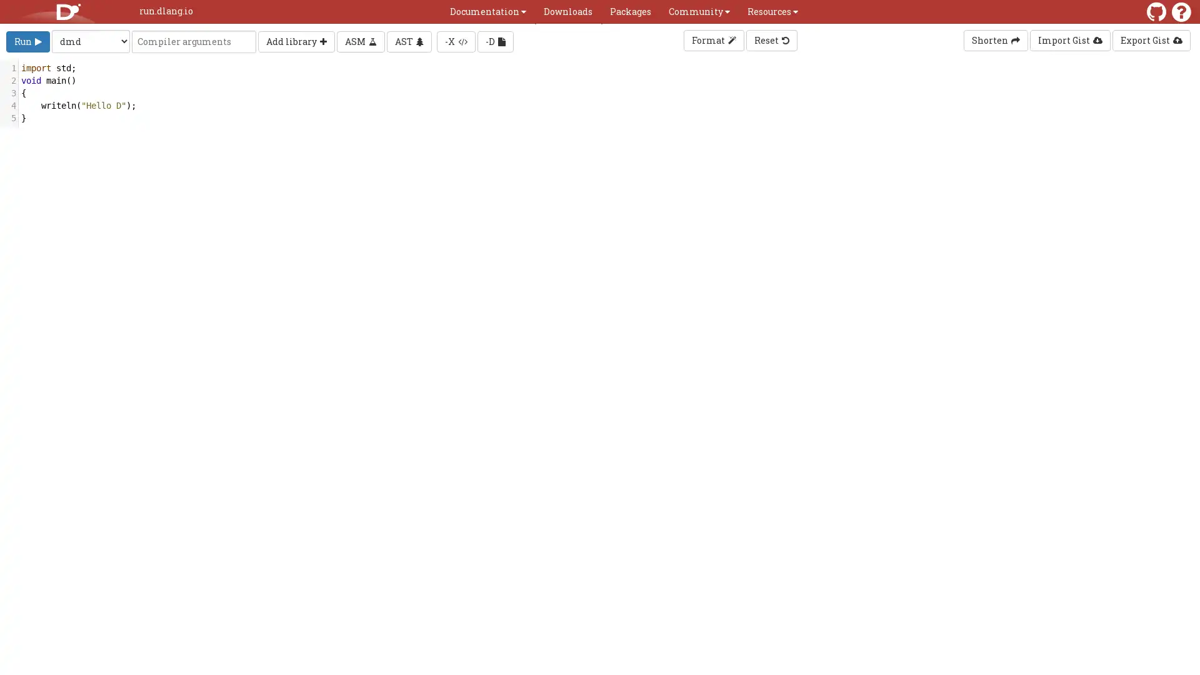 This screenshot has height=675, width=1200. Describe the element at coordinates (494, 40) in the screenshot. I see `-D` at that location.